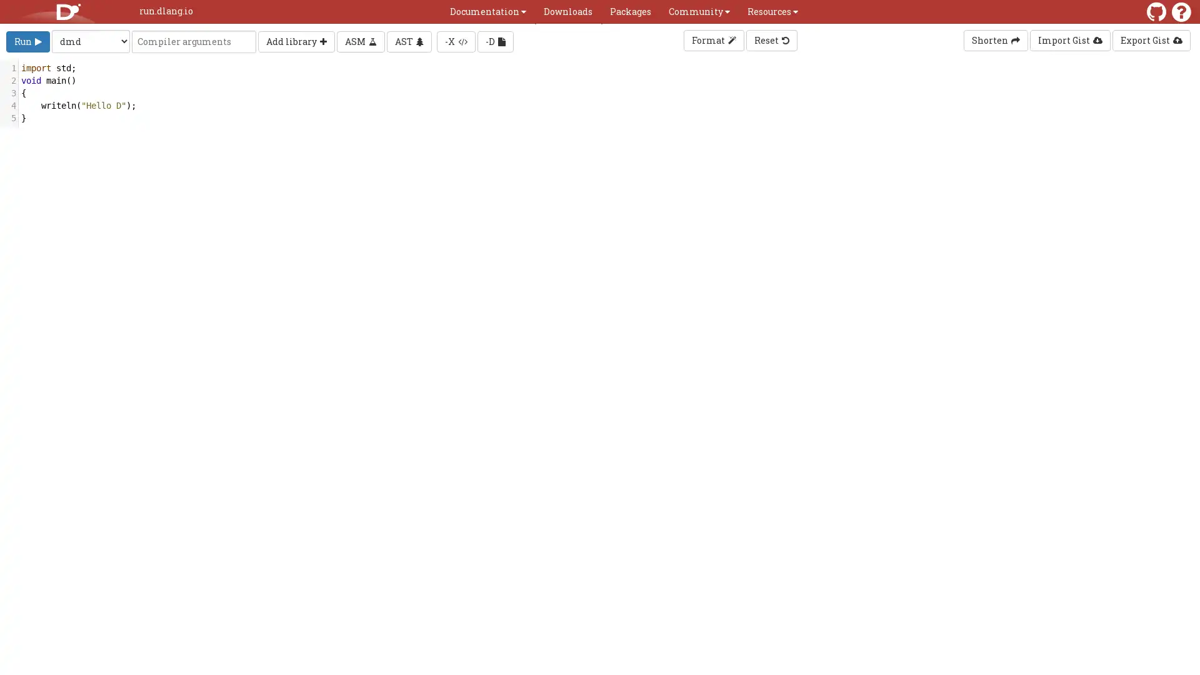 This screenshot has height=675, width=1200. Describe the element at coordinates (494, 40) in the screenshot. I see `-D` at that location.